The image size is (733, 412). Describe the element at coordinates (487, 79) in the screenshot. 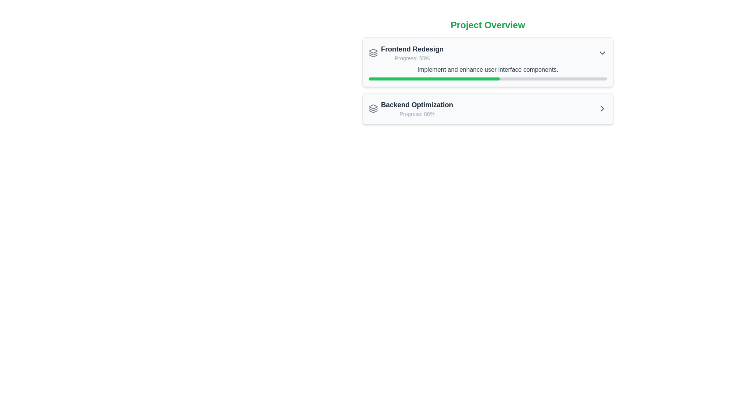

I see `the thin rectangular progress bar with rounded corners located in the 'Frontend Redesign' section of the 'Project Overview' interface, directly below the 'Implement and enhance user interface components.' text` at that location.